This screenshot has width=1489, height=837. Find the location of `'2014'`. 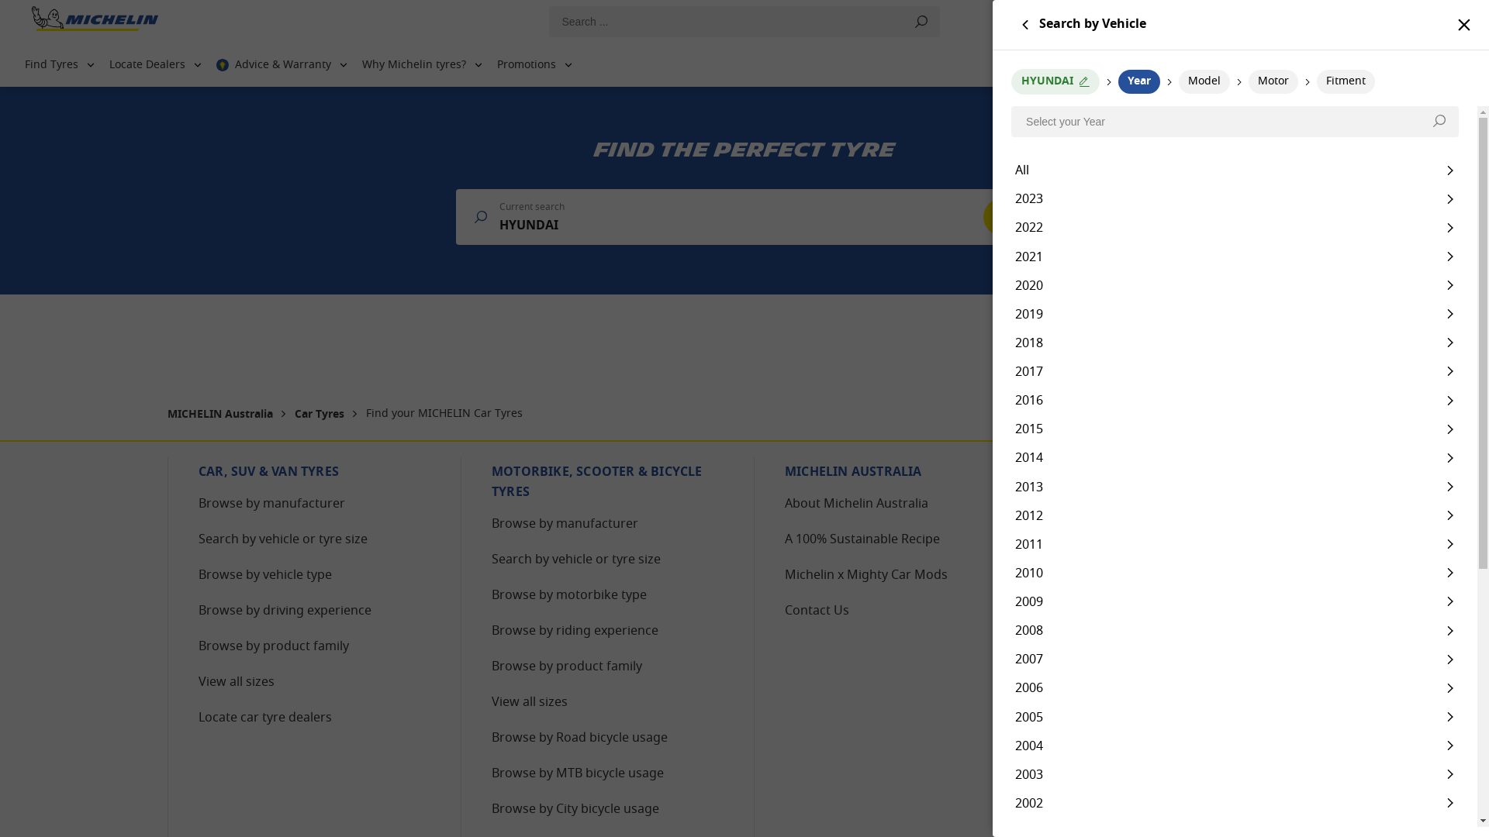

'2014' is located at coordinates (1234, 456).